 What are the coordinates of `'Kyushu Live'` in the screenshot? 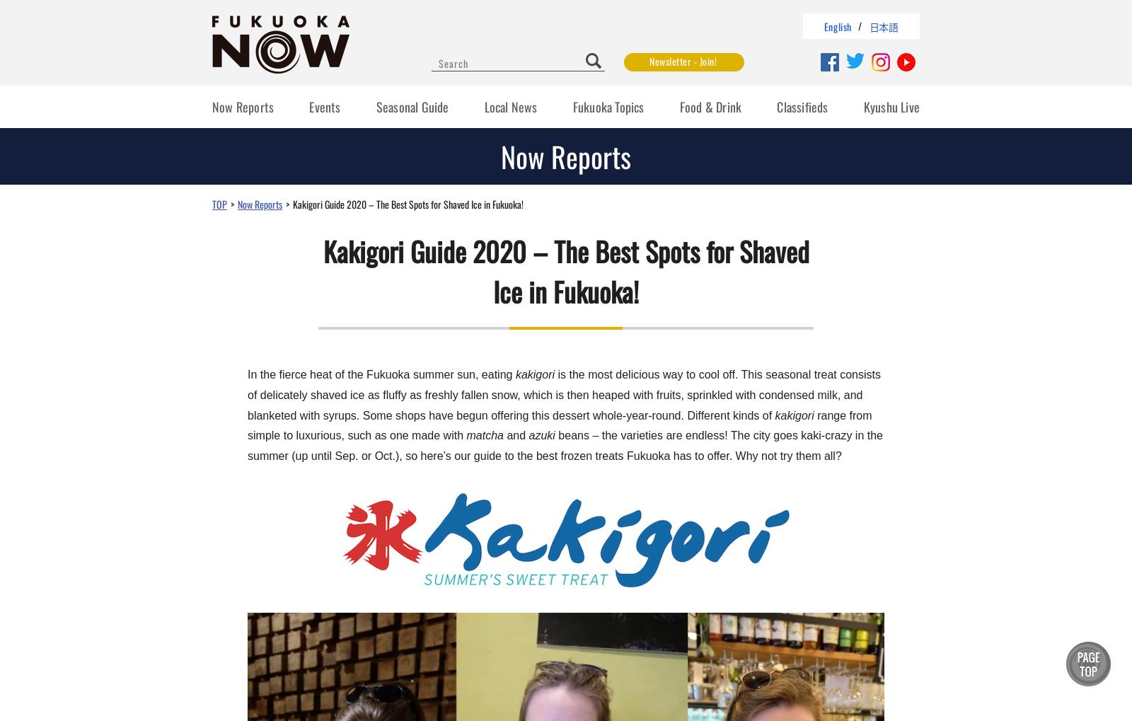 It's located at (890, 107).